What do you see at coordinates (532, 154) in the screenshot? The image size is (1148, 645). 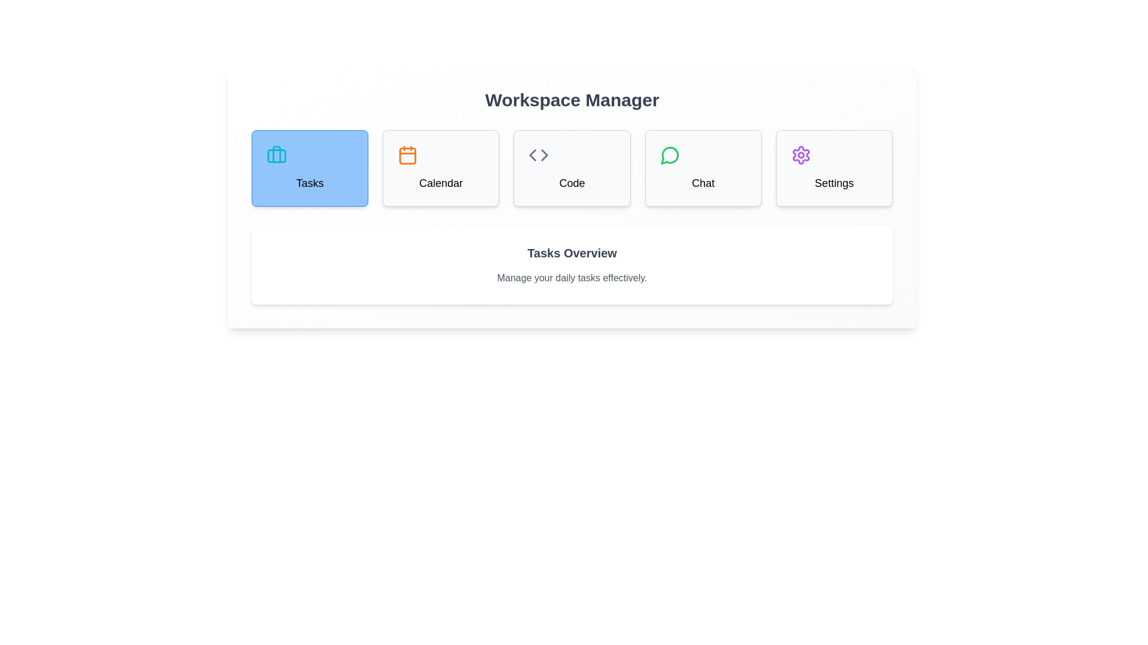 I see `the left chevron graphical vector icon located centrally within the 'Code' card's icon area` at bounding box center [532, 154].